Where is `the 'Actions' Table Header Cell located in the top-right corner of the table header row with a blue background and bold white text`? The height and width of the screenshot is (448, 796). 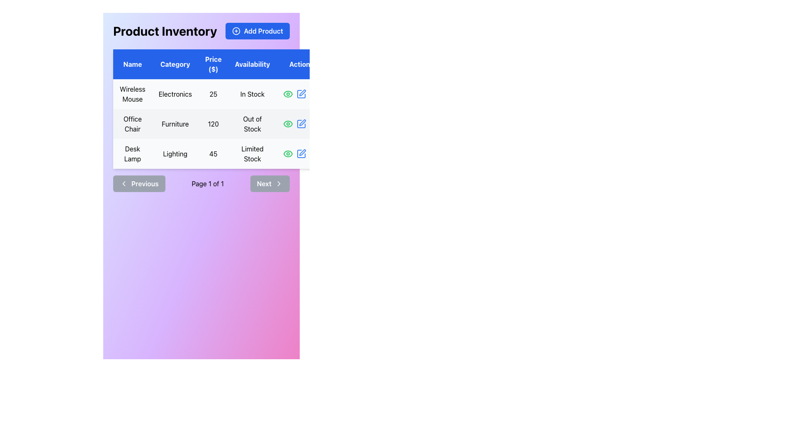
the 'Actions' Table Header Cell located in the top-right corner of the table header row with a blue background and bold white text is located at coordinates (301, 63).